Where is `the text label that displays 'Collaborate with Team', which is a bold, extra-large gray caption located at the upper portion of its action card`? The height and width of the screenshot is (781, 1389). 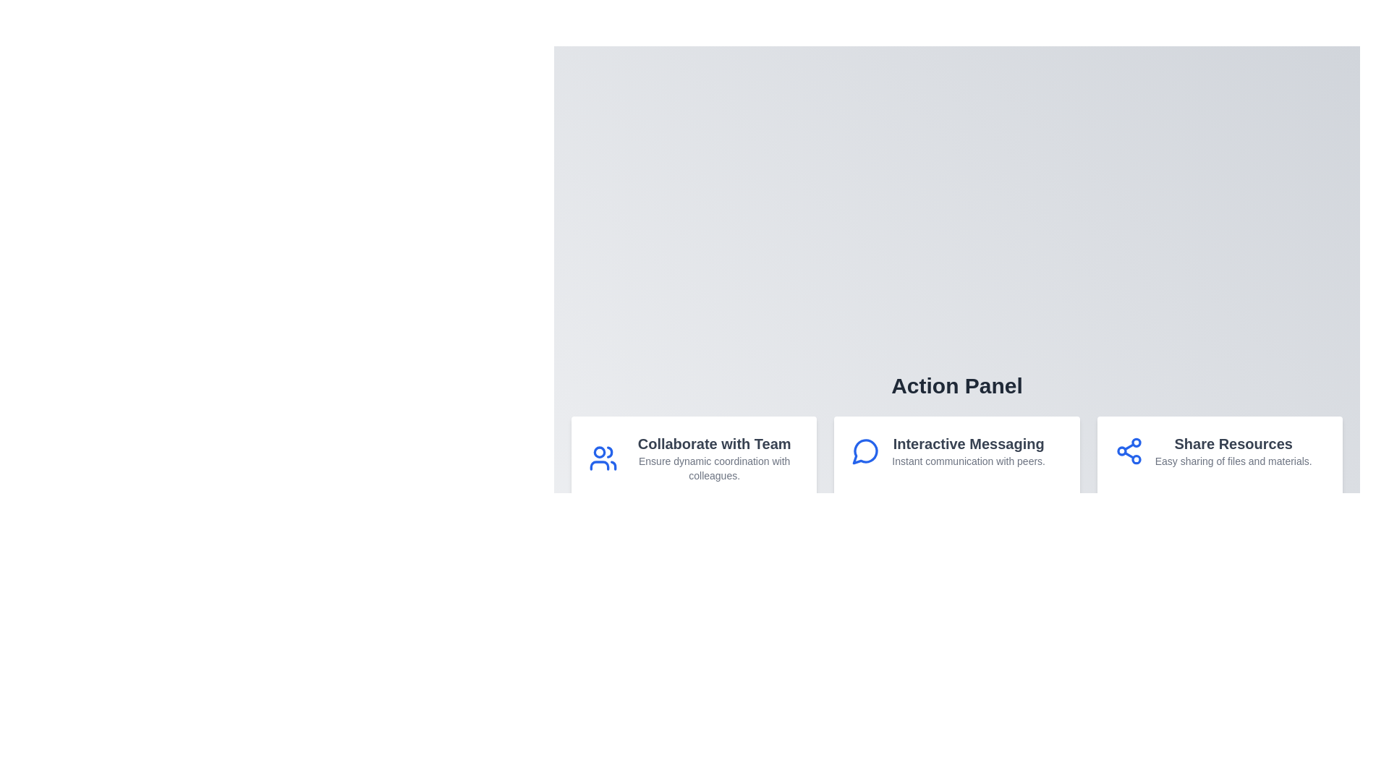
the text label that displays 'Collaborate with Team', which is a bold, extra-large gray caption located at the upper portion of its action card is located at coordinates (714, 443).